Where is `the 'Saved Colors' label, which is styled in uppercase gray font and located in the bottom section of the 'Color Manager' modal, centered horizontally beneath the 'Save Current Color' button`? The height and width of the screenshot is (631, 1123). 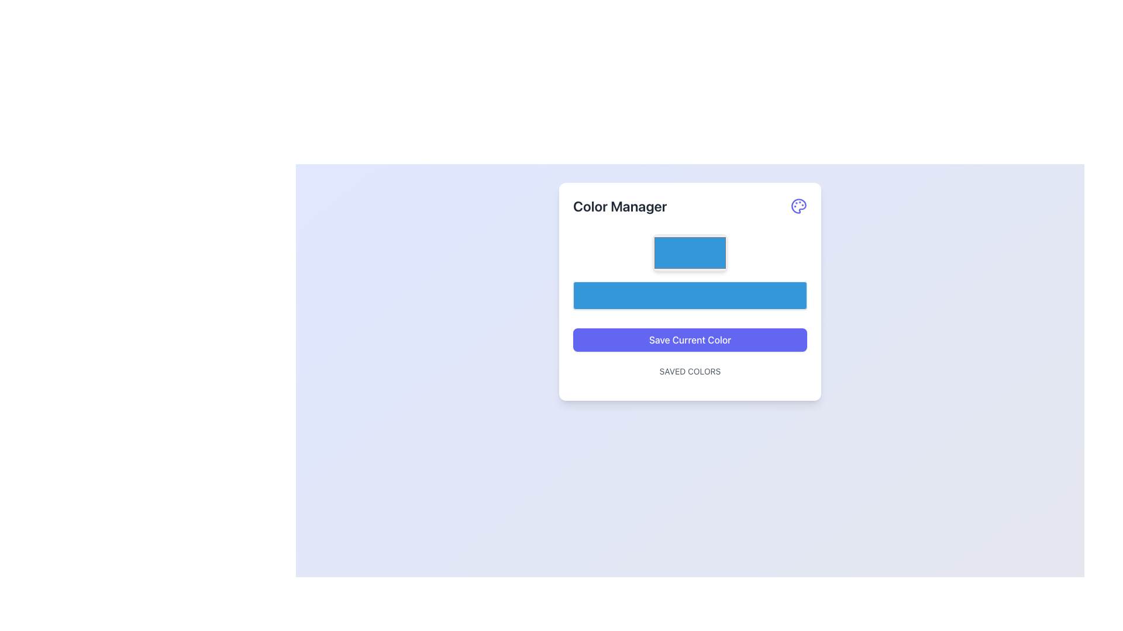
the 'Saved Colors' label, which is styled in uppercase gray font and located in the bottom section of the 'Color Manager' modal, centered horizontally beneath the 'Save Current Color' button is located at coordinates (690, 376).